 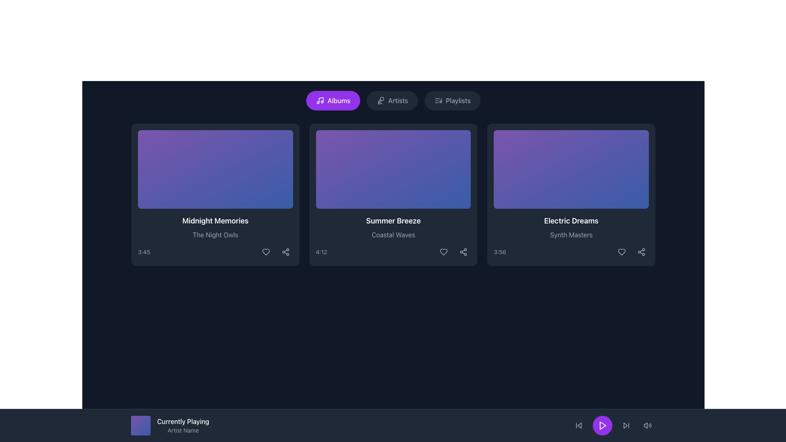 What do you see at coordinates (578, 425) in the screenshot?
I see `the SVG icon styled as a button located at the bottom control bar's left-most position to skip backward in media playback` at bounding box center [578, 425].